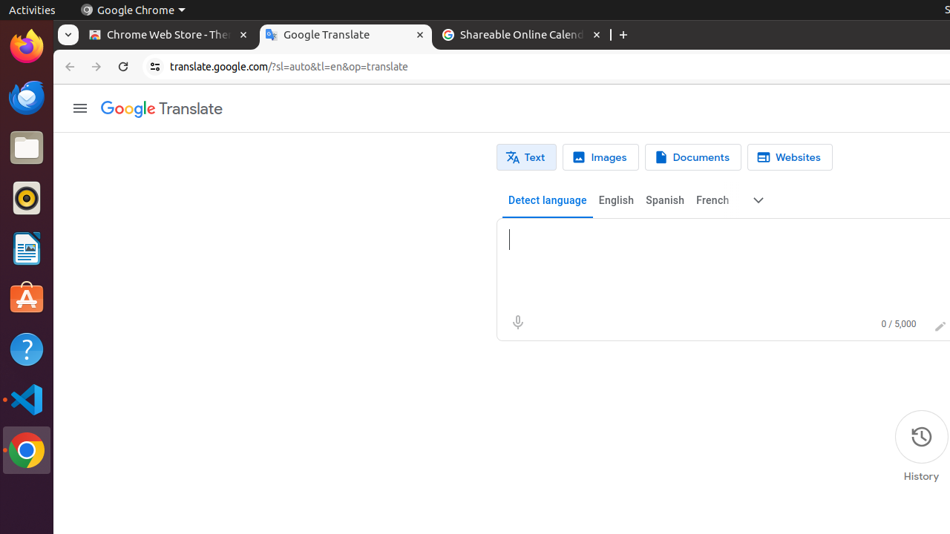  What do you see at coordinates (26, 349) in the screenshot?
I see `'Help'` at bounding box center [26, 349].